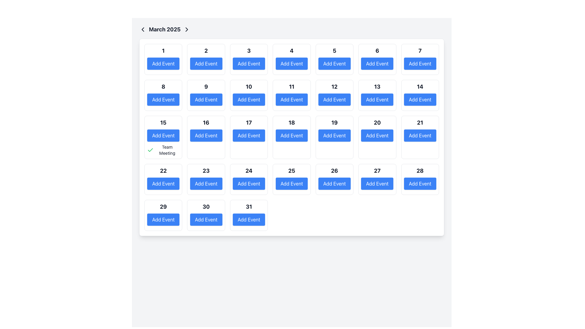  Describe the element at coordinates (377, 135) in the screenshot. I see `the 'Add Event' button, which is a rounded rectangular button with a solid blue background and white text, located in the grid for March 20, 2025` at that location.